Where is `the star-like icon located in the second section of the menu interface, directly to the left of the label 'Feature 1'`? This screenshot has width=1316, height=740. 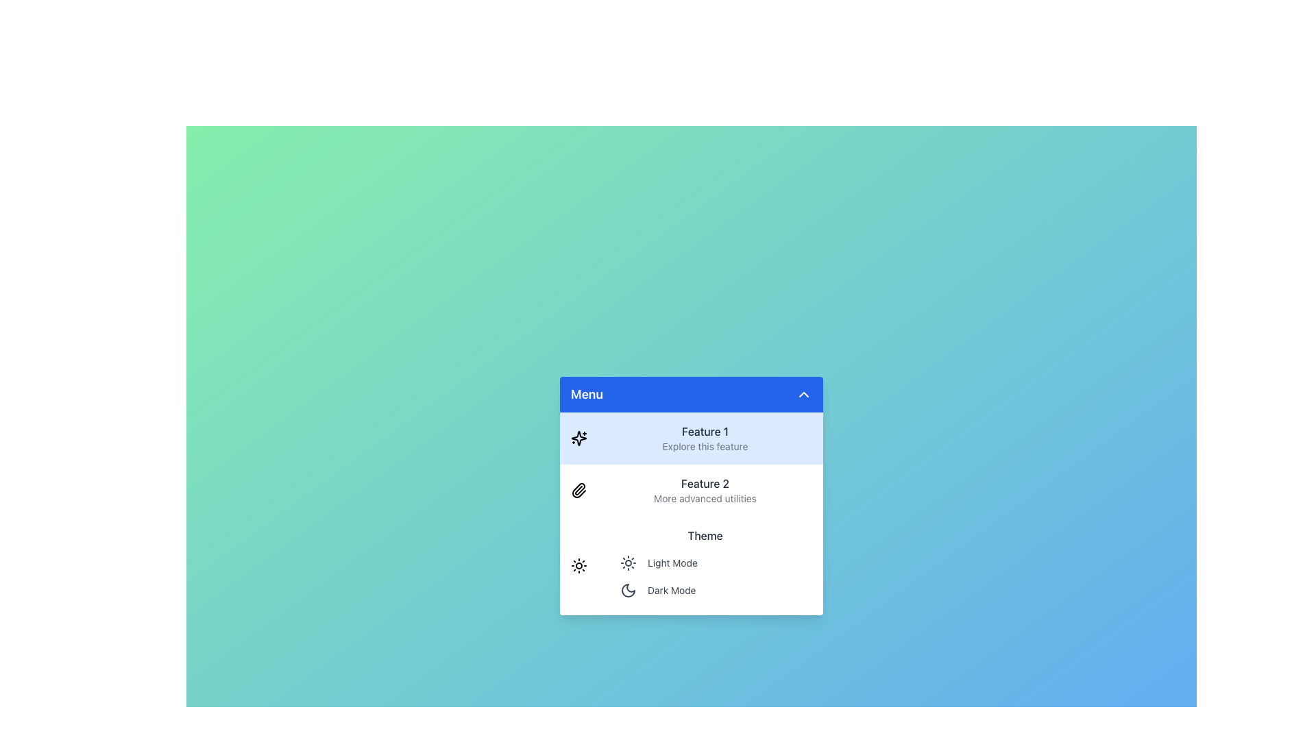 the star-like icon located in the second section of the menu interface, directly to the left of the label 'Feature 1' is located at coordinates (578, 439).